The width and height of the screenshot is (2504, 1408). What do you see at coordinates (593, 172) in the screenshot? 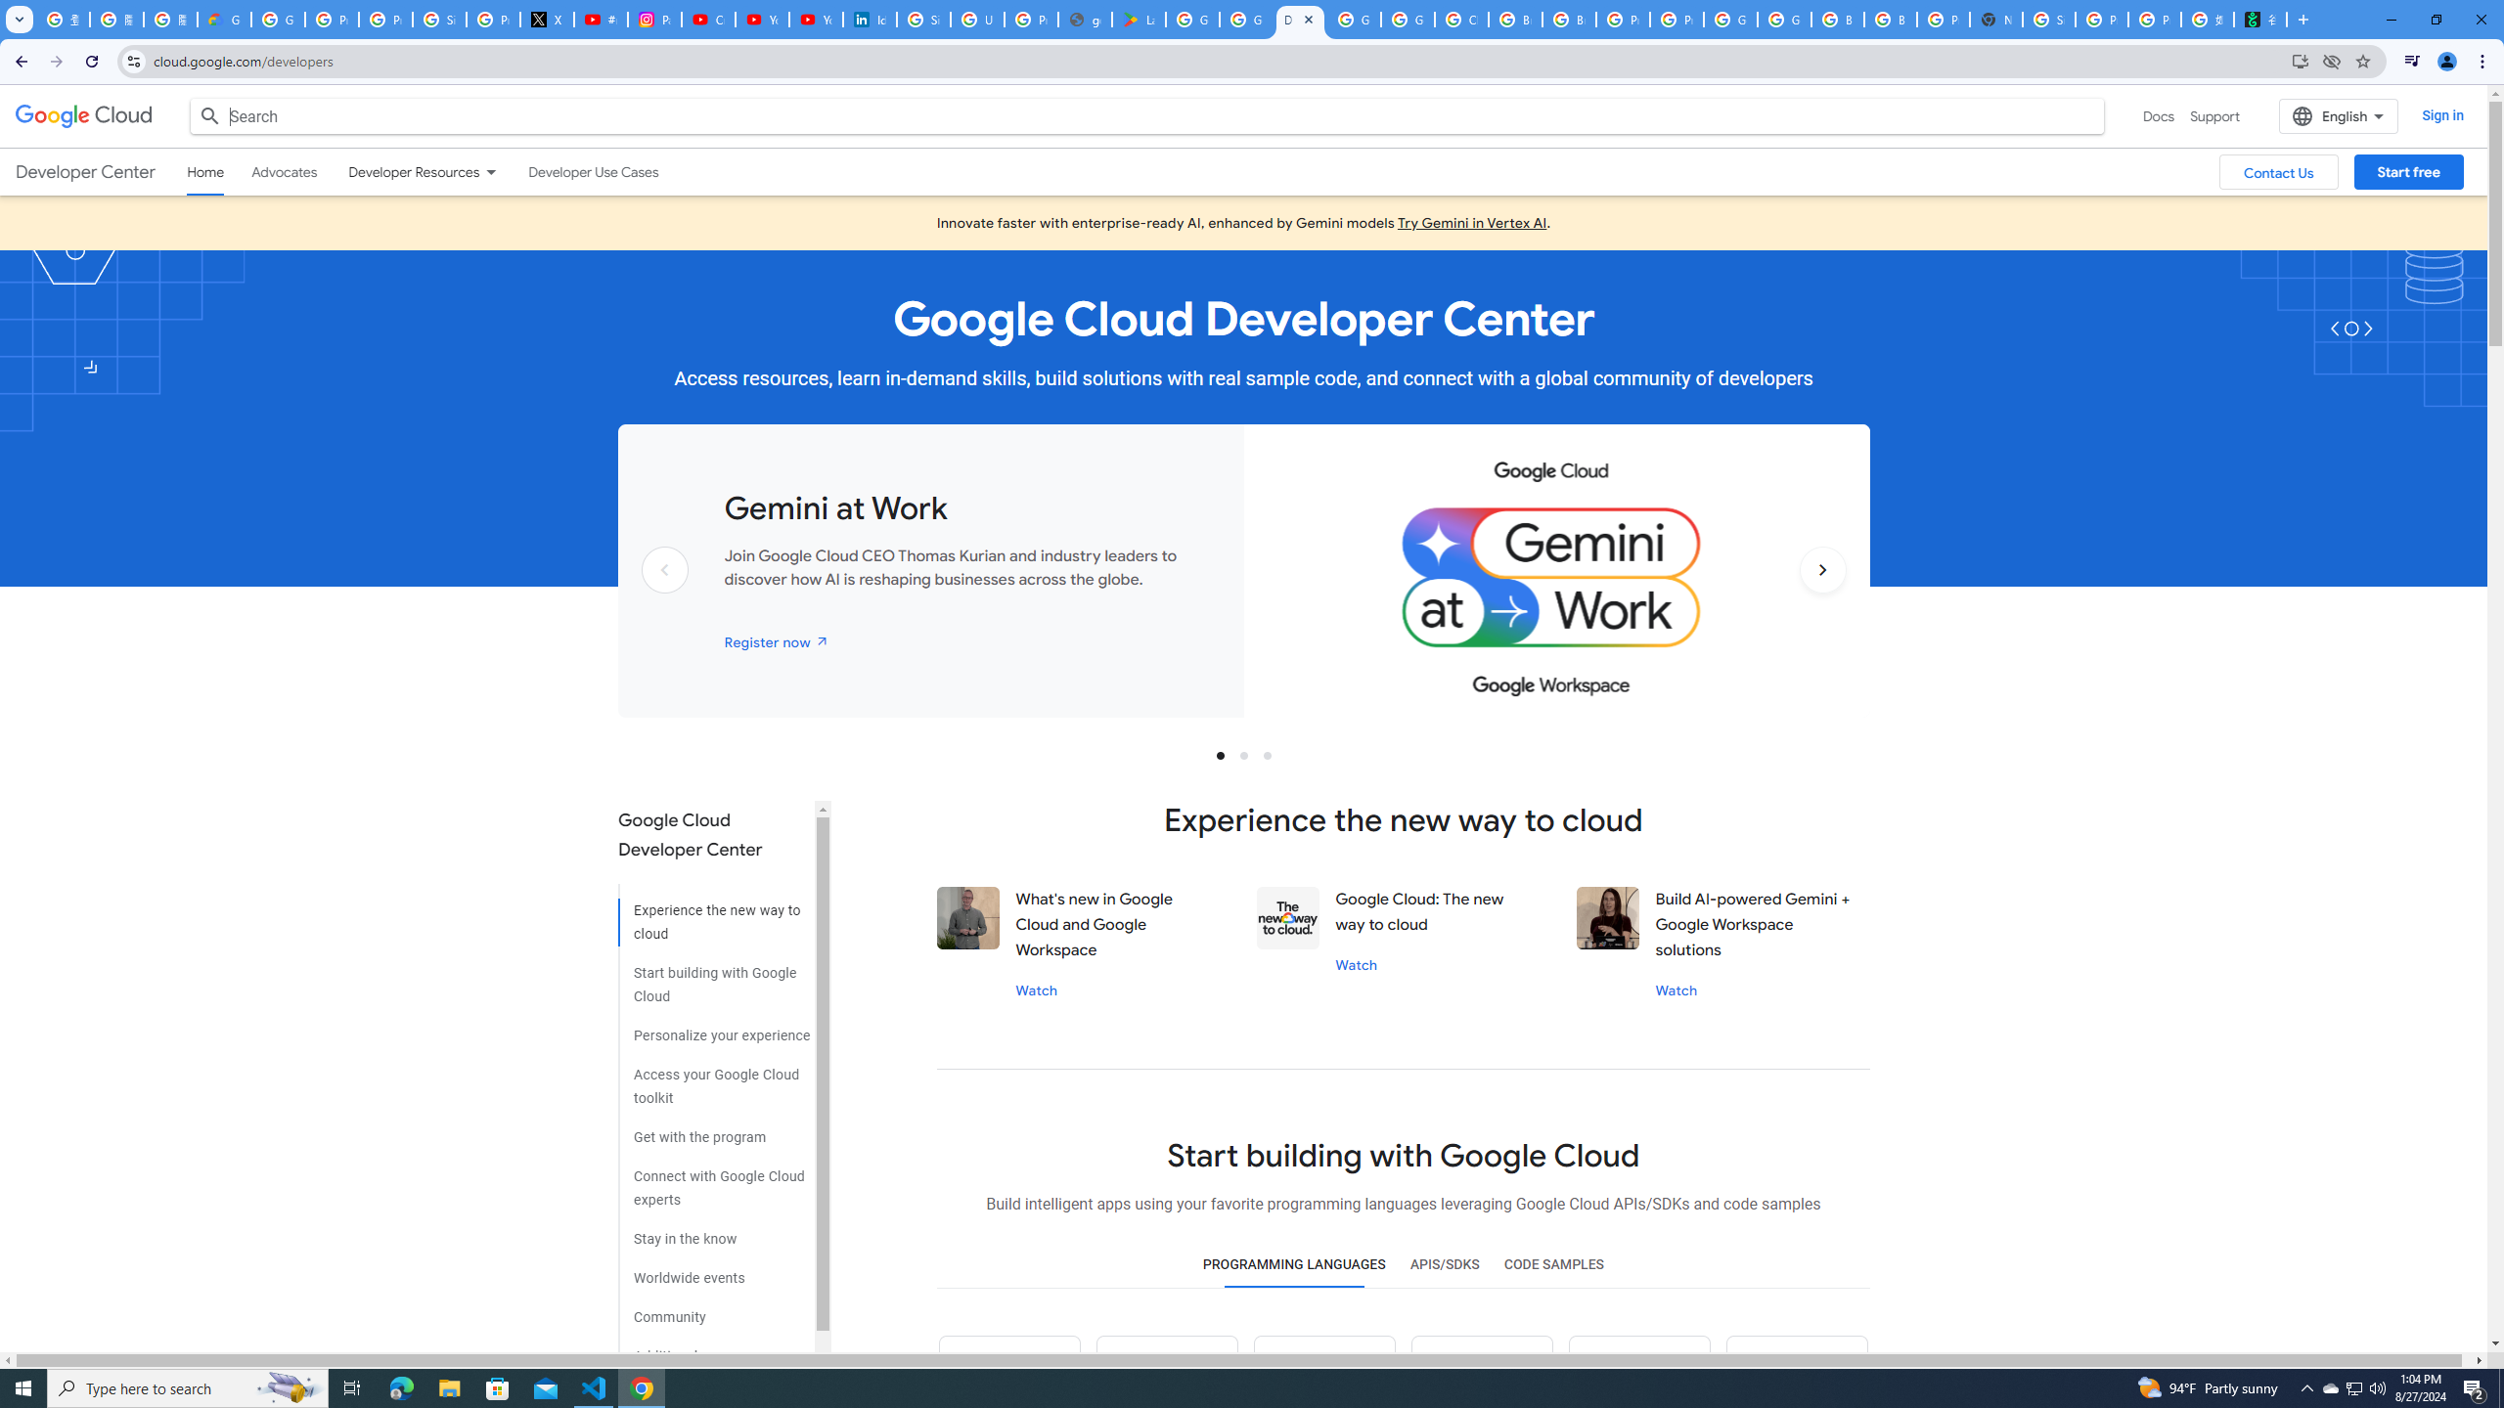
I see `'Developer Use Cases'` at bounding box center [593, 172].